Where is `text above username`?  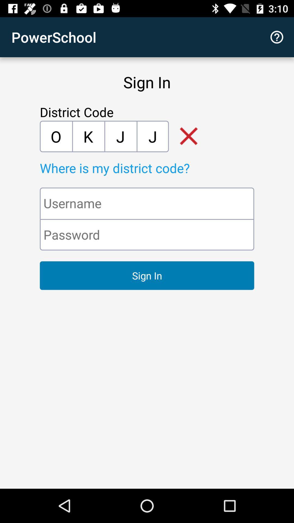 text above username is located at coordinates (159, 168).